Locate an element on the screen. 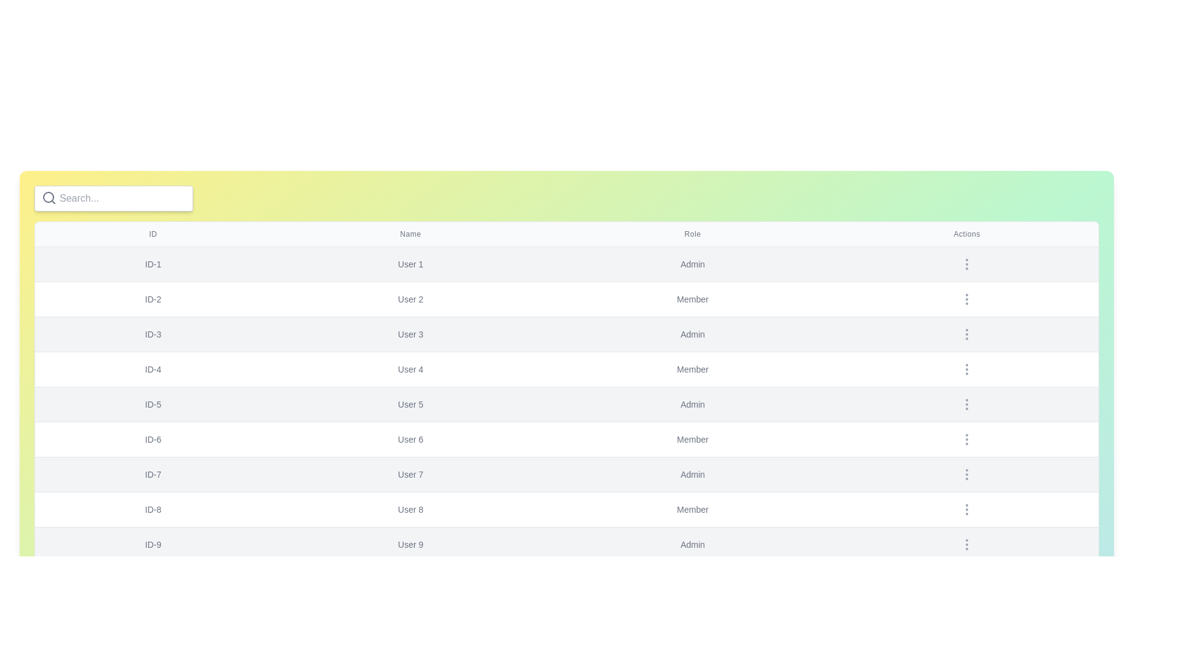 The height and width of the screenshot is (664, 1181). the table header ID to sort the table is located at coordinates (153, 234).